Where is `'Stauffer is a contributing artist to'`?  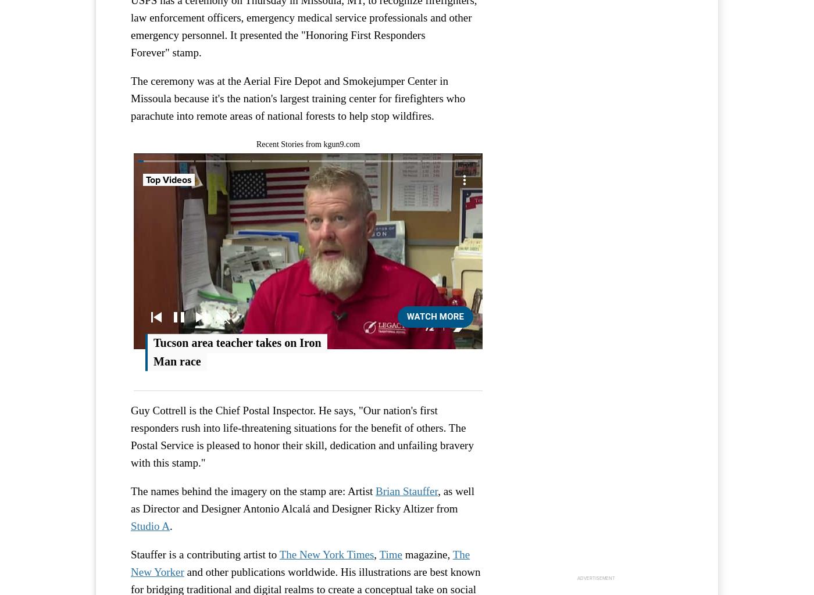
'Stauffer is a contributing artist to' is located at coordinates (130, 554).